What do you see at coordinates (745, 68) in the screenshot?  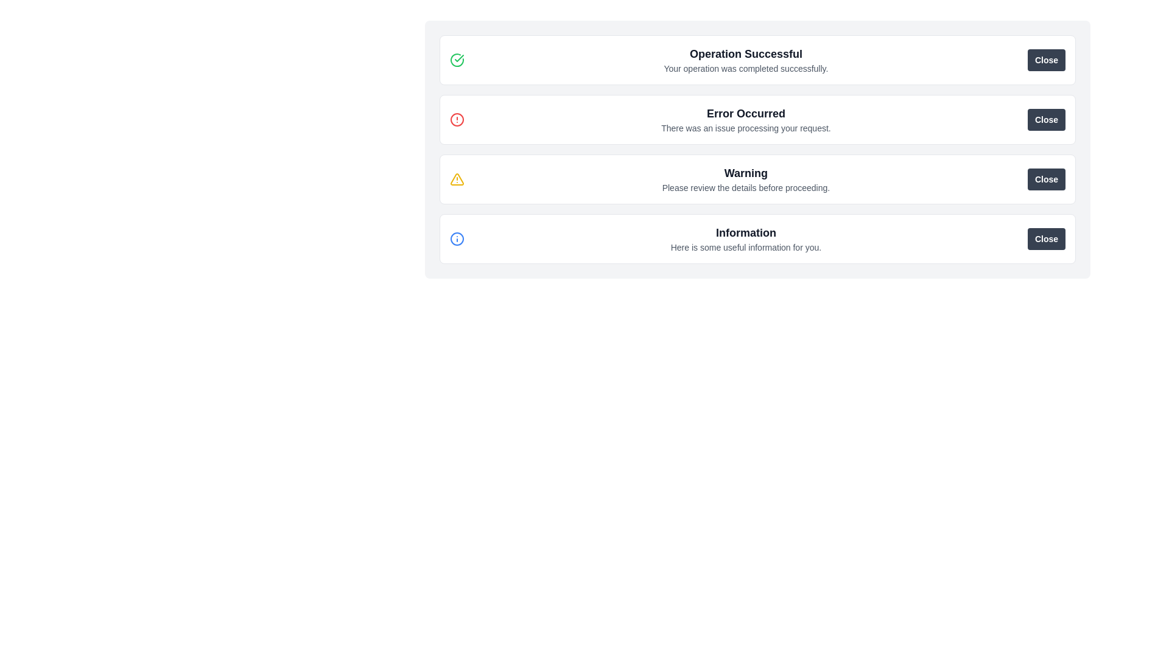 I see `the text label displaying 'Your operation was completed successfully.' located below the title 'Operation Successful.'` at bounding box center [745, 68].